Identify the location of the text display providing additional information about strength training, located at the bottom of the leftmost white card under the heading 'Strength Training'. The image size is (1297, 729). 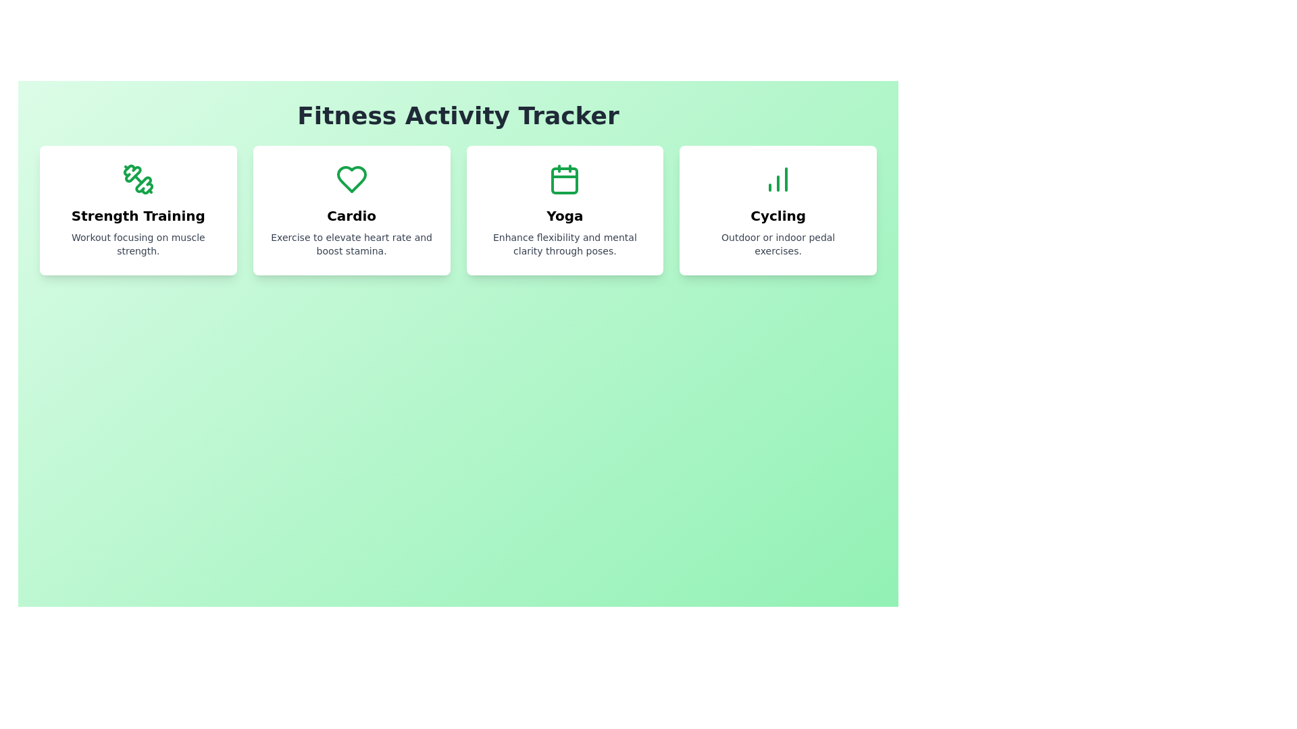
(138, 244).